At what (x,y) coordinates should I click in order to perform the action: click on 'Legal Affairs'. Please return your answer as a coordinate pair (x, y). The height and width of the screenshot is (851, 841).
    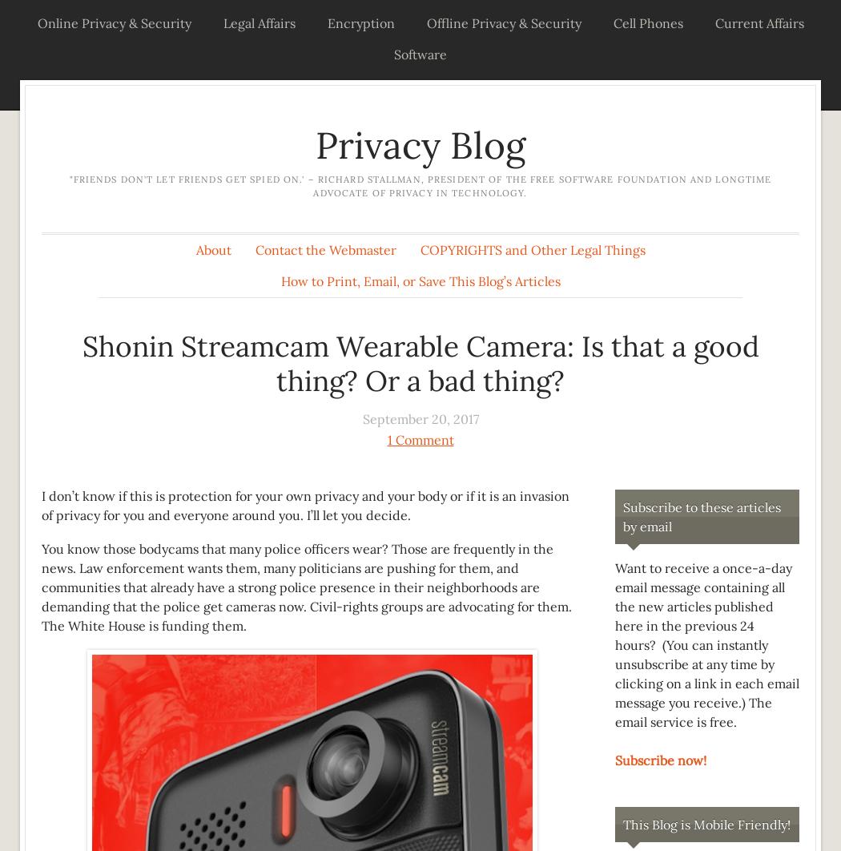
    Looking at the image, I should click on (258, 22).